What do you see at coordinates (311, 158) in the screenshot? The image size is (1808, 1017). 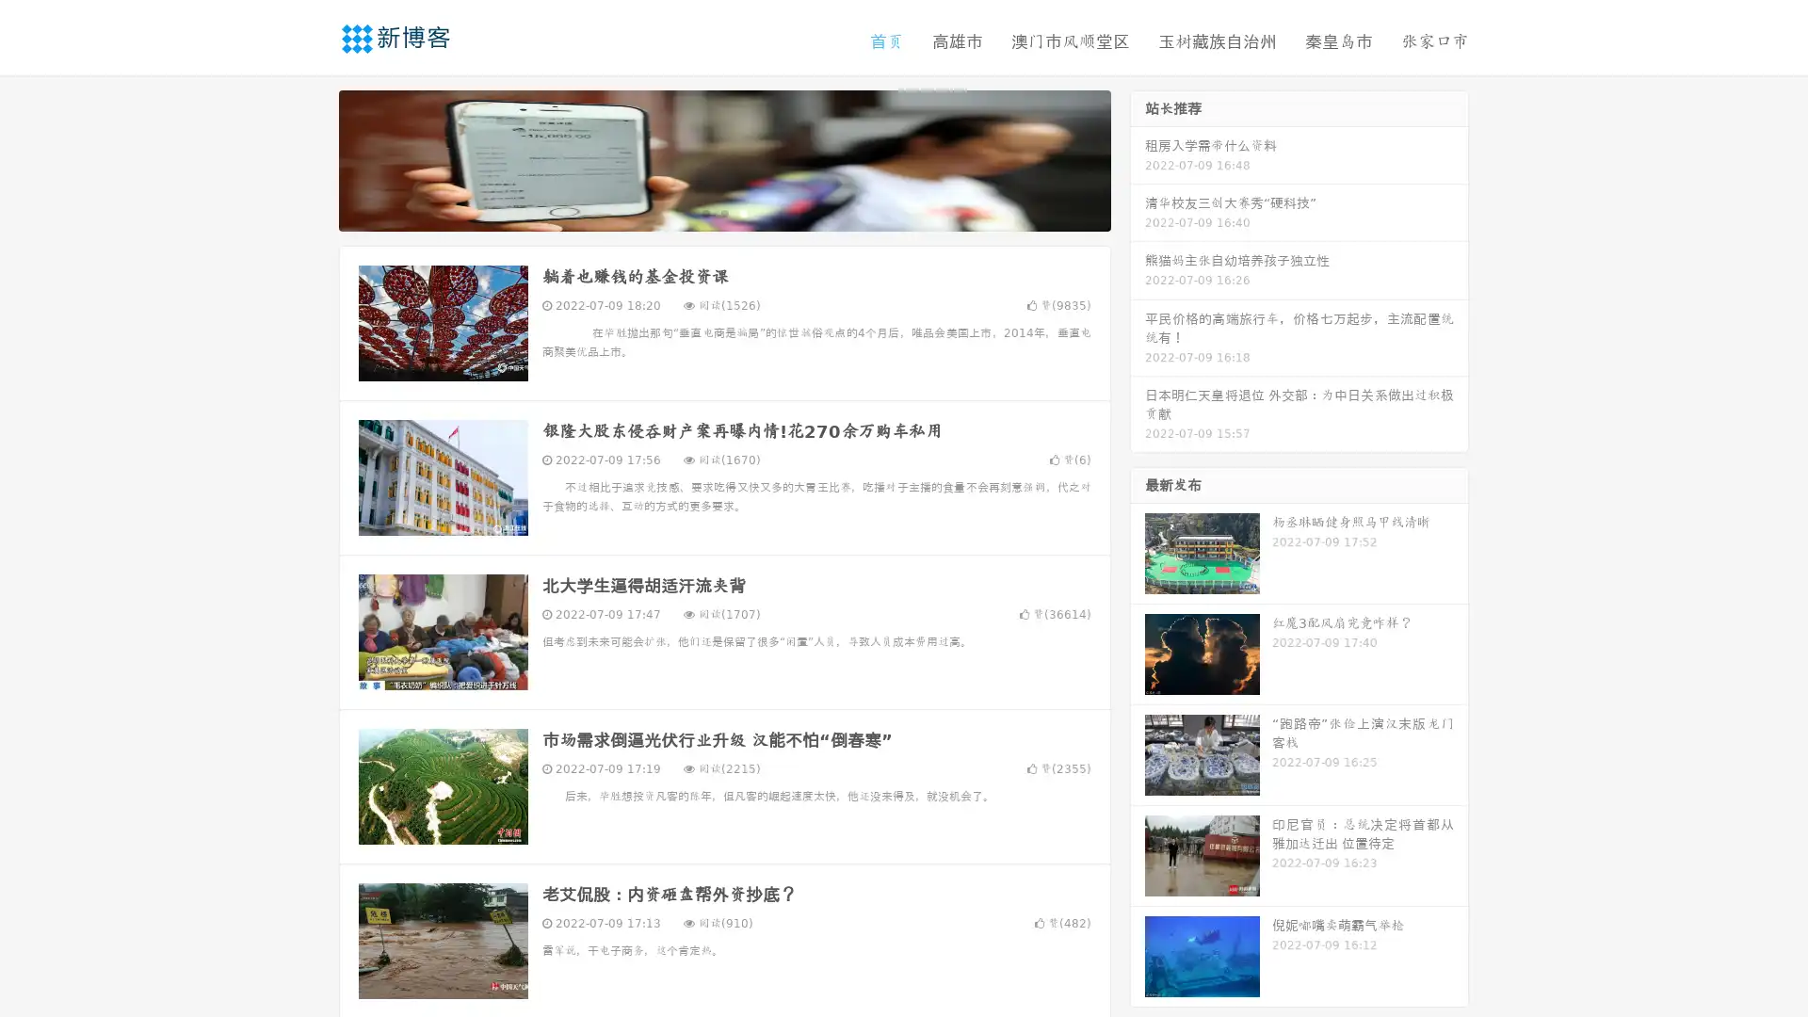 I see `Previous slide` at bounding box center [311, 158].